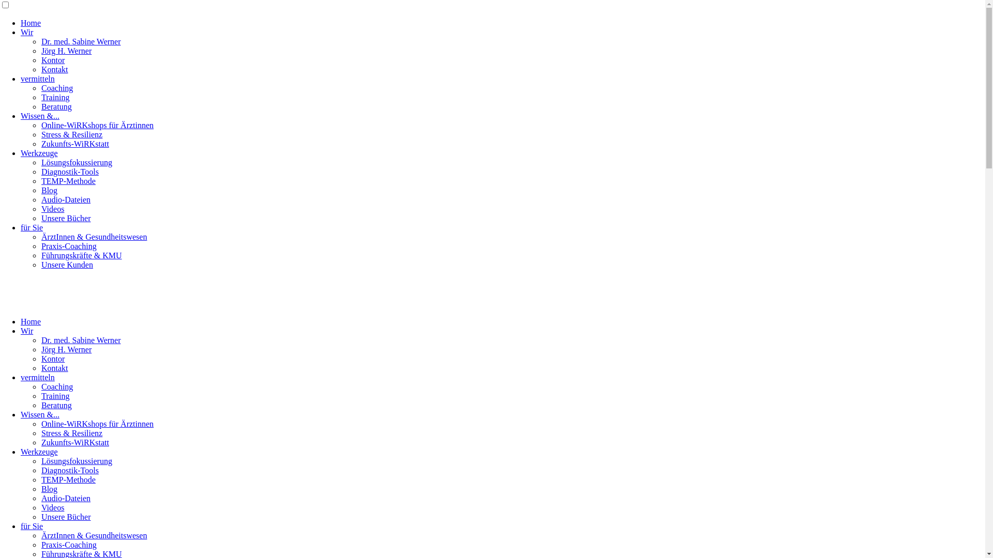  What do you see at coordinates (20, 321) in the screenshot?
I see `'Home'` at bounding box center [20, 321].